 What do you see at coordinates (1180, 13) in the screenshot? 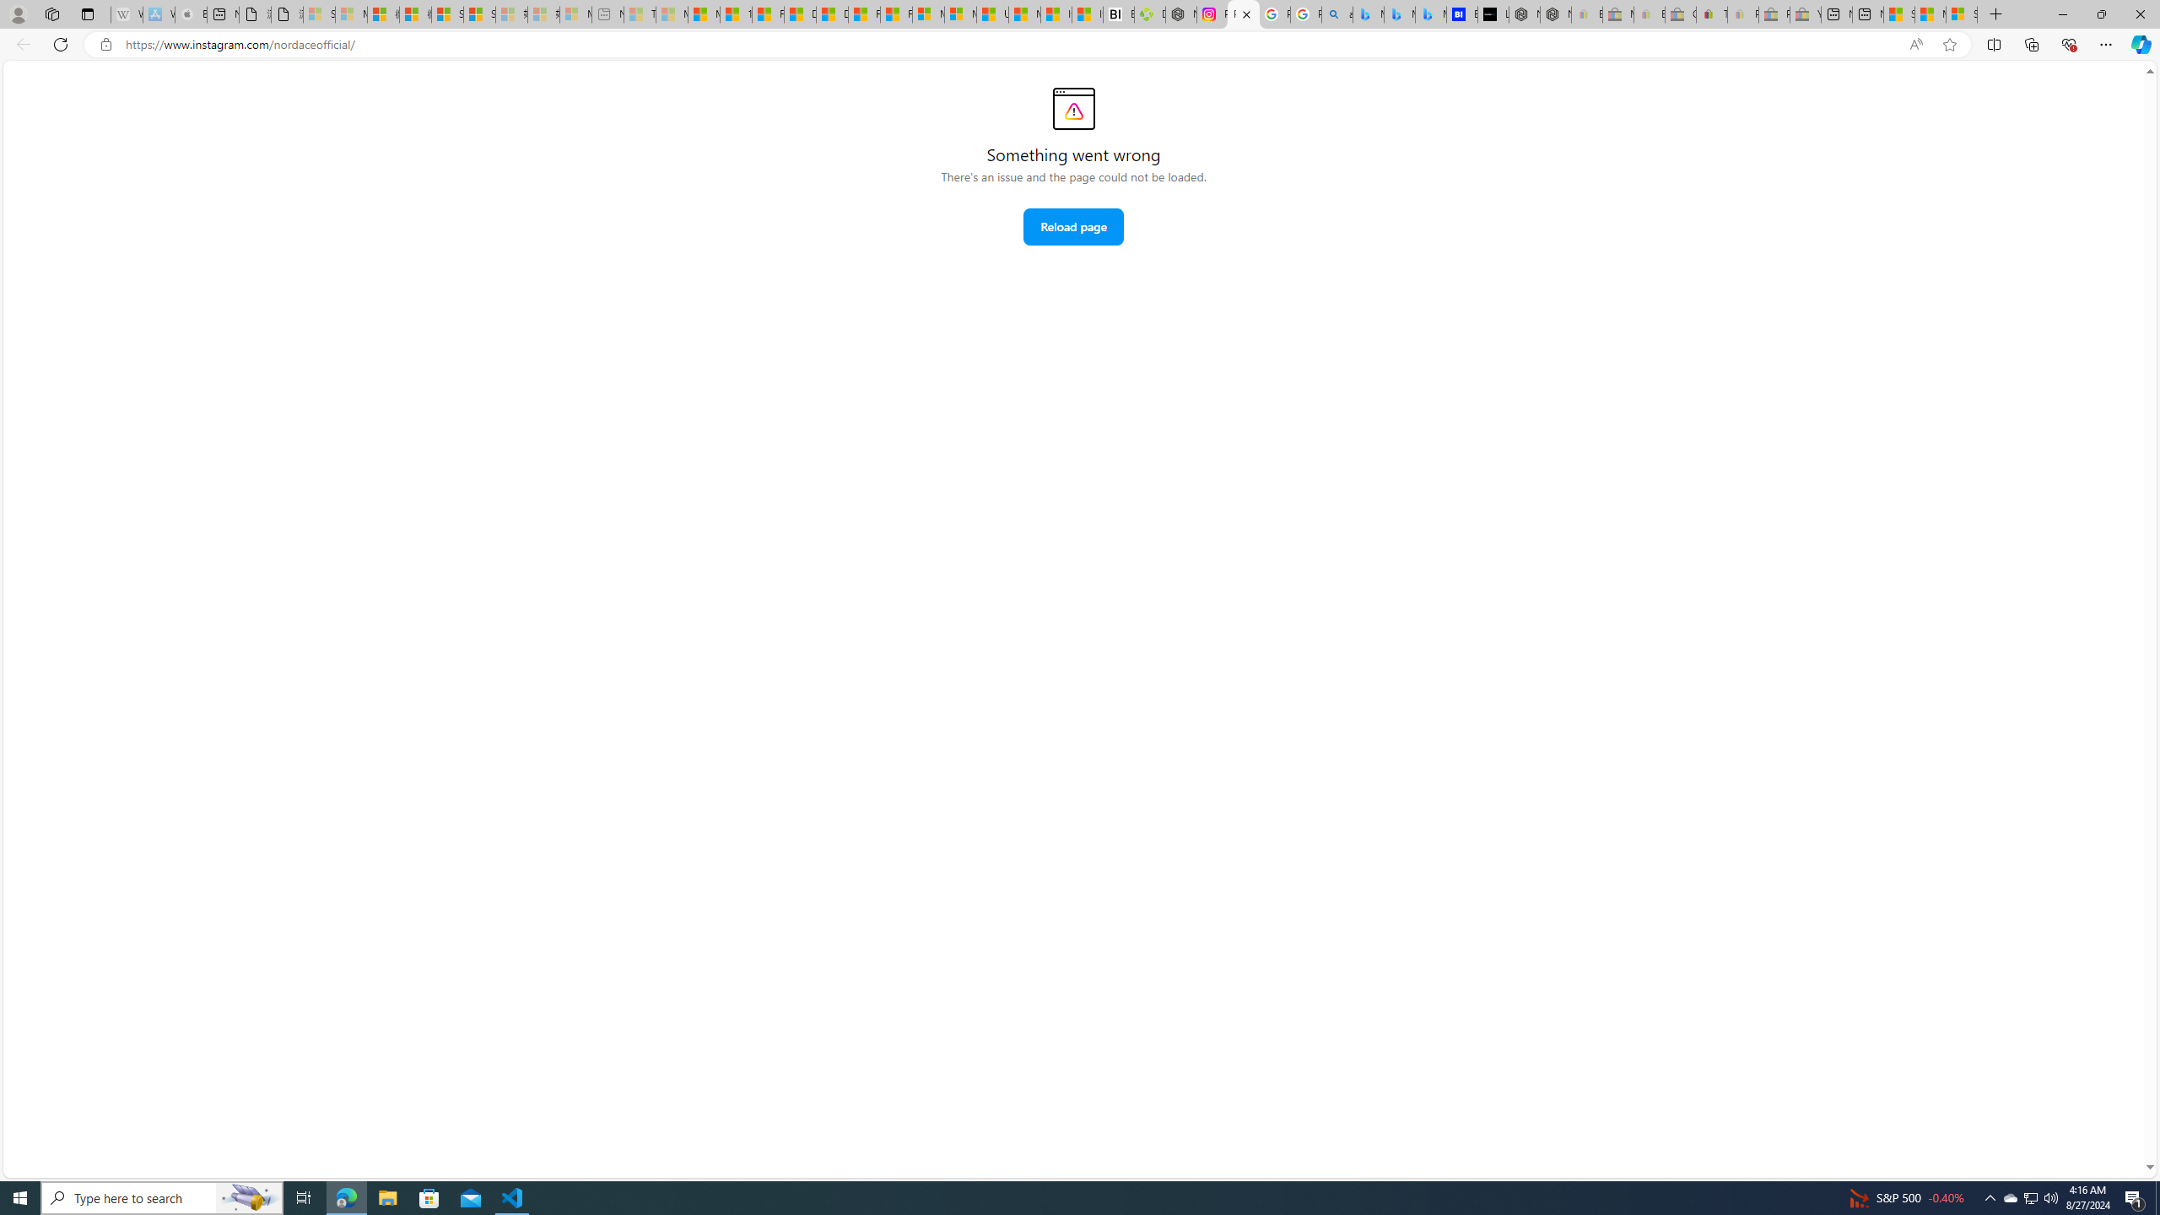
I see `'Nordace - Nordace Edin Collection'` at bounding box center [1180, 13].